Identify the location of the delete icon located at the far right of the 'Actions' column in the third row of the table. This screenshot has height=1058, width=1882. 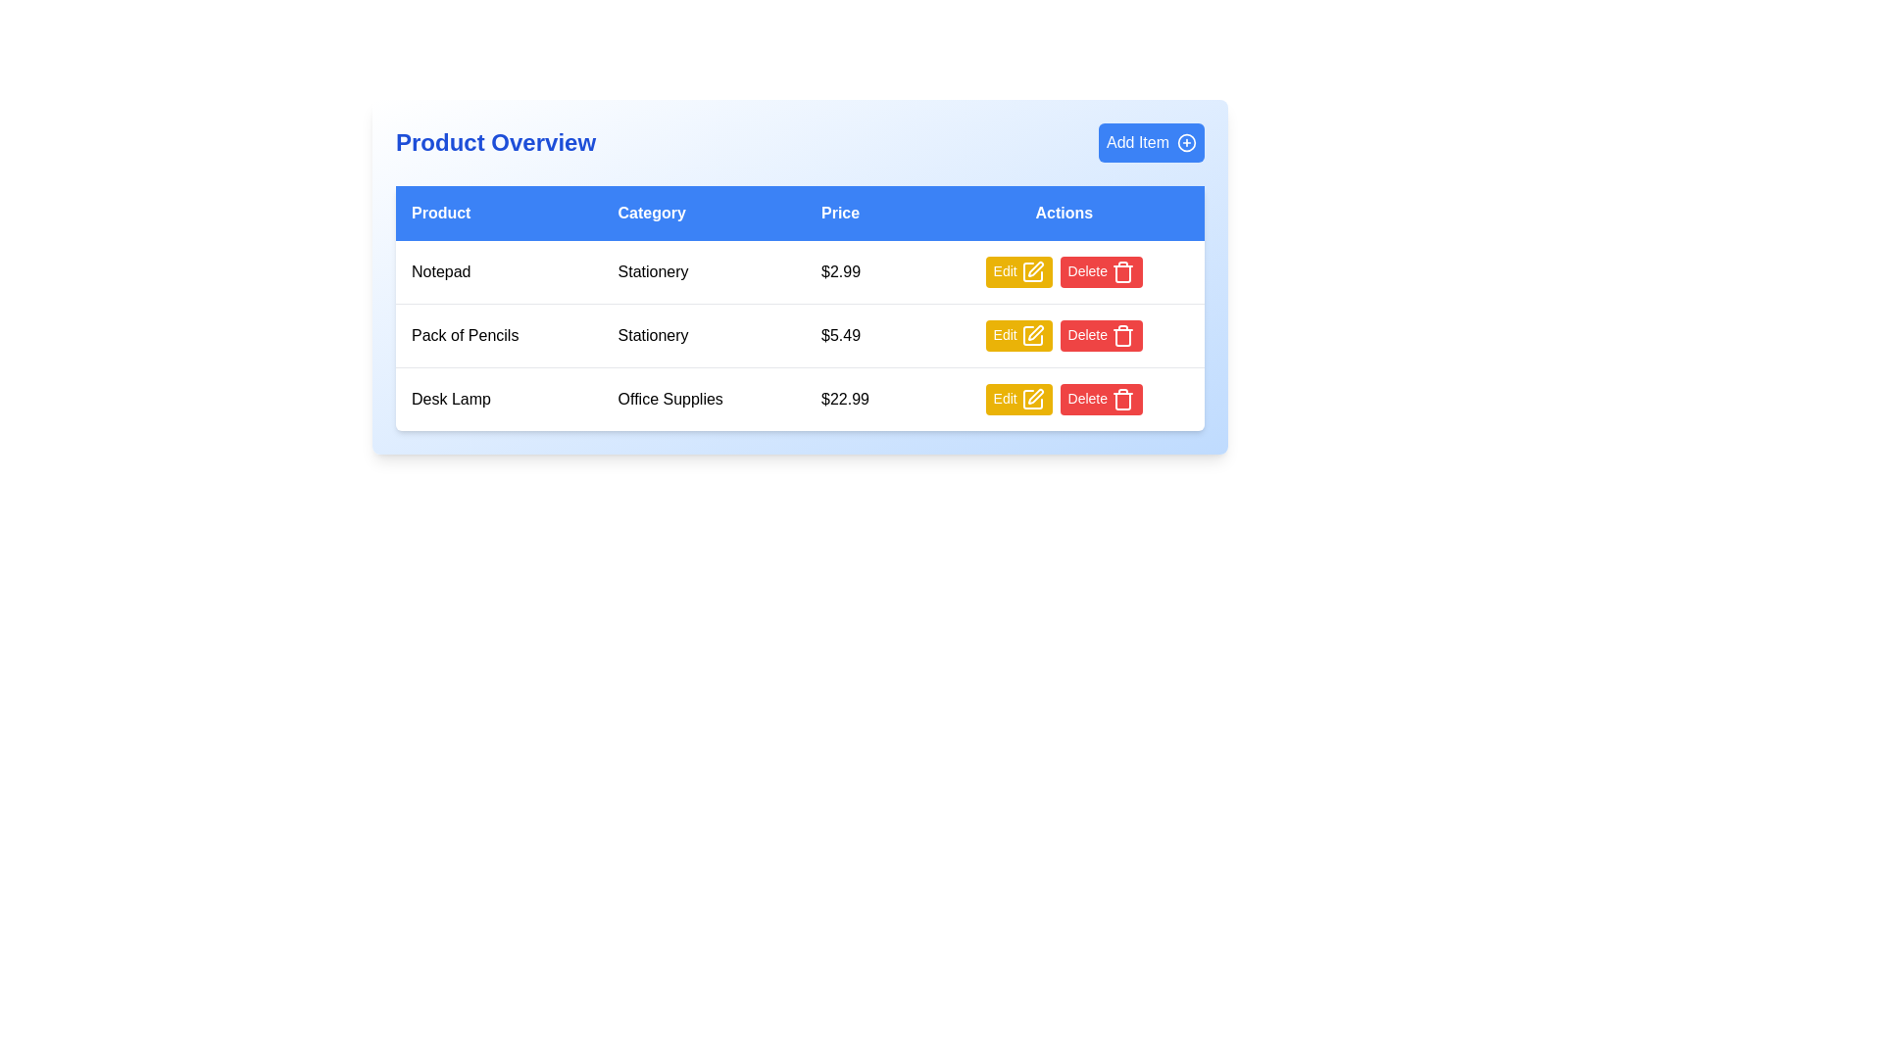
(1122, 399).